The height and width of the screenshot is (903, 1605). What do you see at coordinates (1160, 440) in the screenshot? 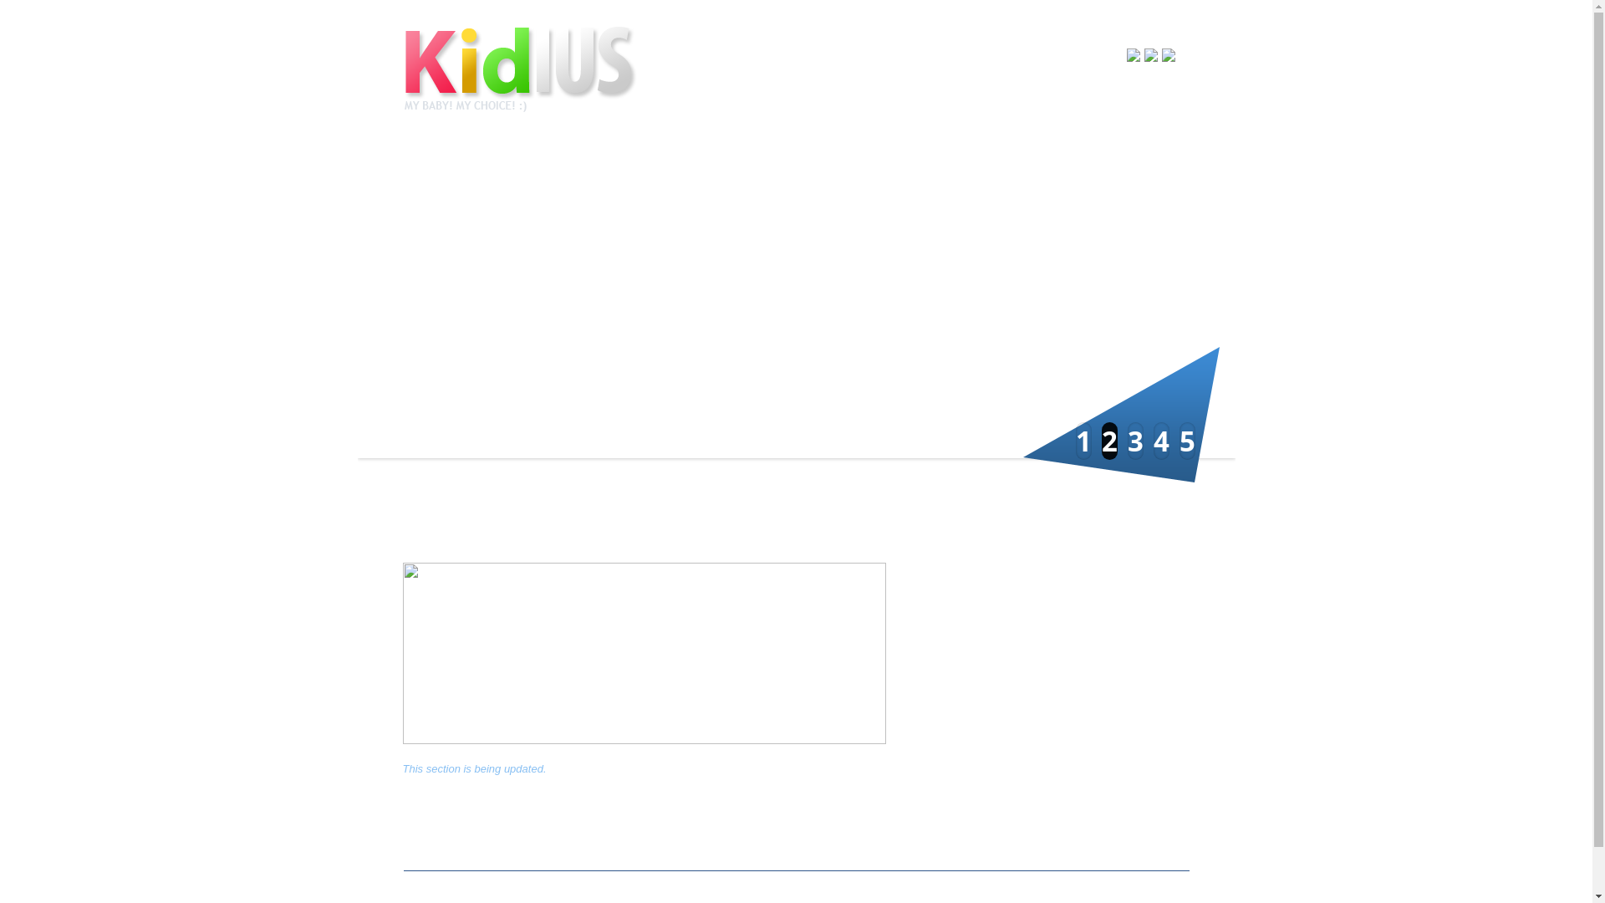
I see `'4'` at bounding box center [1160, 440].